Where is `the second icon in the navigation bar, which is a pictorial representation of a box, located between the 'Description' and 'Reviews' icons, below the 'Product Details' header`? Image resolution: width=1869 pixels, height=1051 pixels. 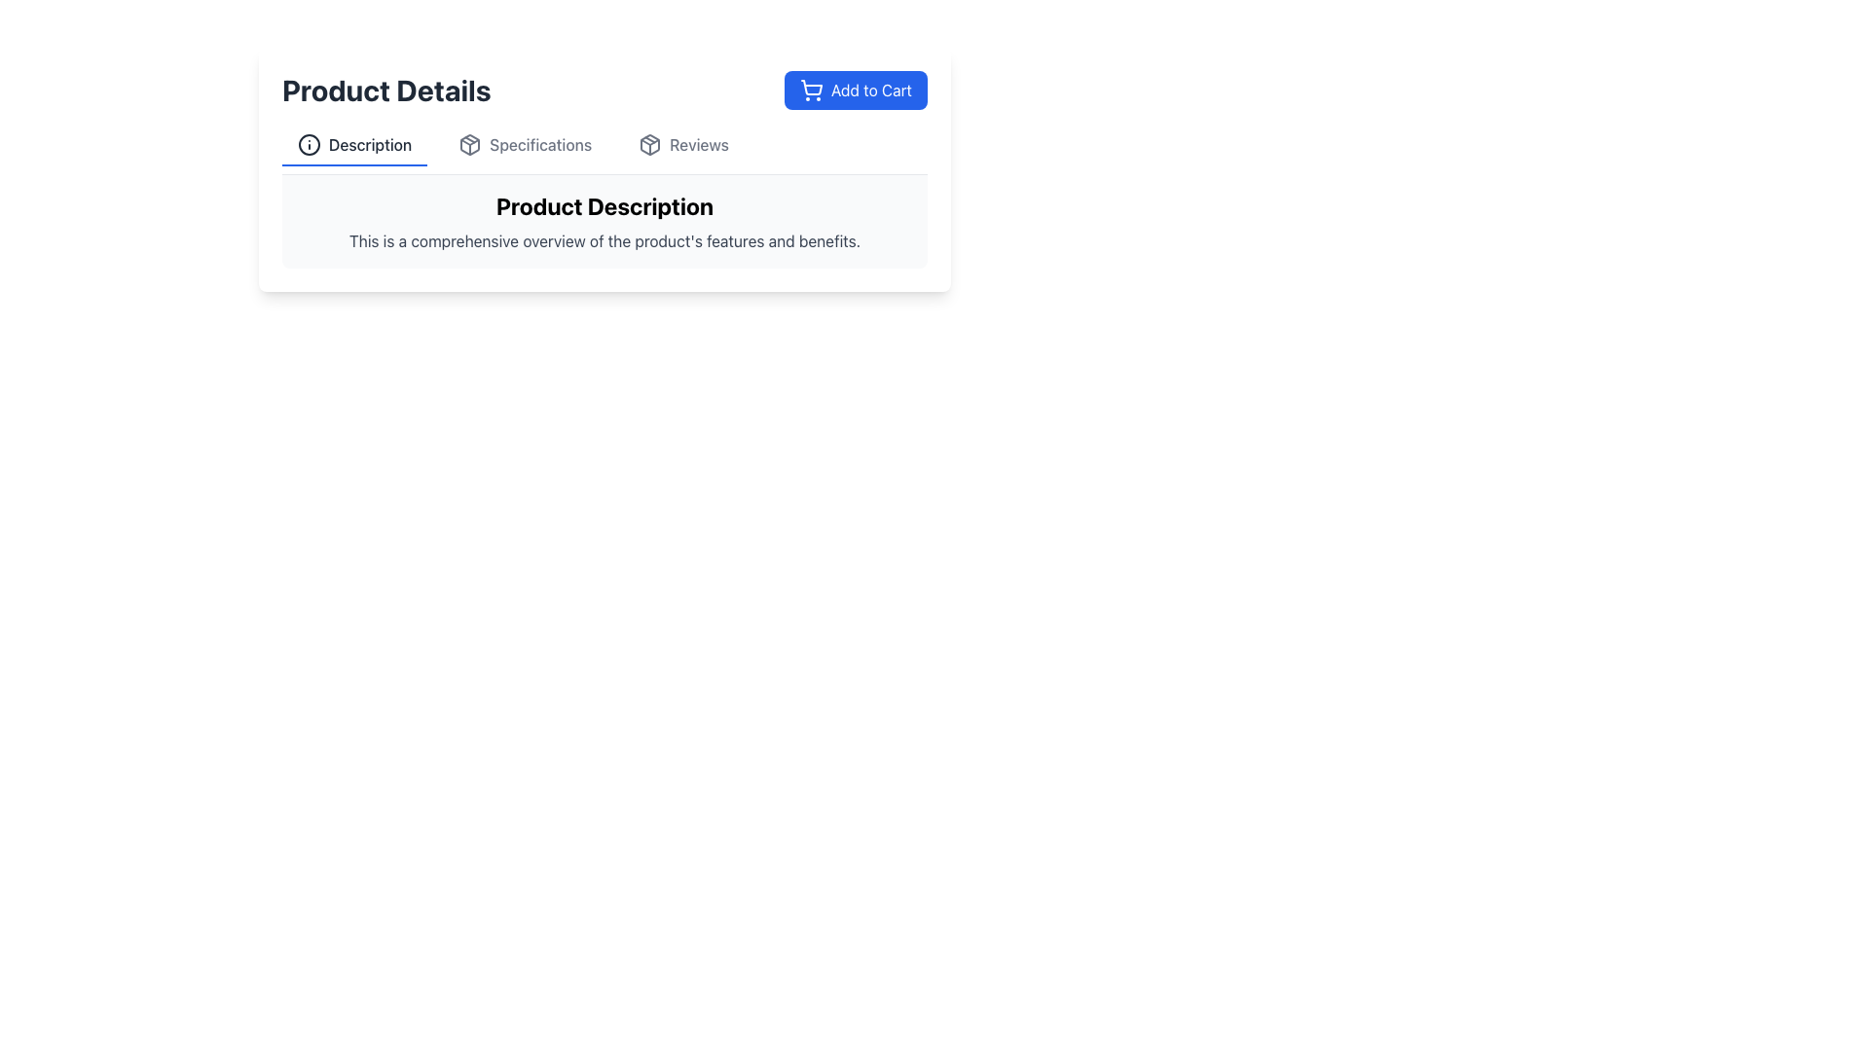 the second icon in the navigation bar, which is a pictorial representation of a box, located between the 'Description' and 'Reviews' icons, below the 'Product Details' header is located at coordinates (650, 144).